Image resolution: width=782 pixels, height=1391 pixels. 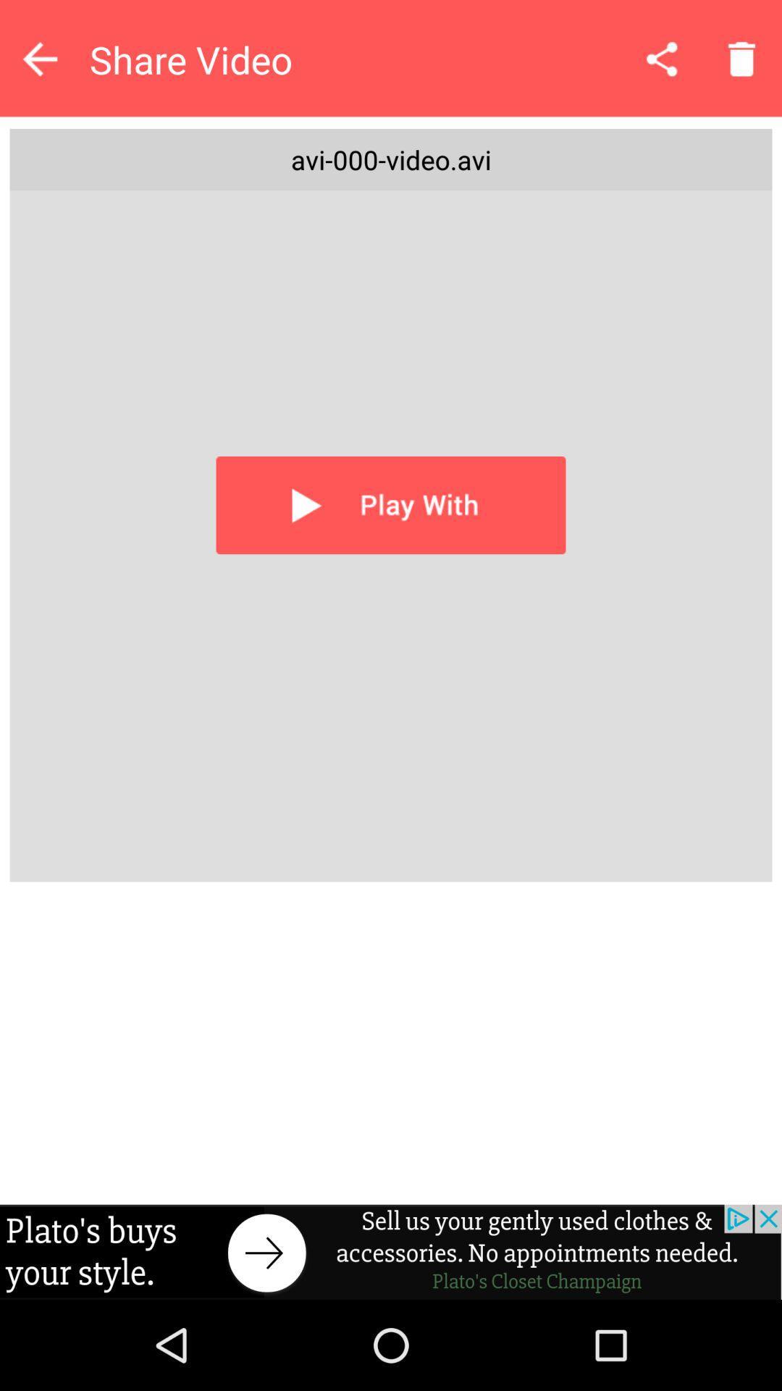 What do you see at coordinates (741, 58) in the screenshot?
I see `delete button` at bounding box center [741, 58].